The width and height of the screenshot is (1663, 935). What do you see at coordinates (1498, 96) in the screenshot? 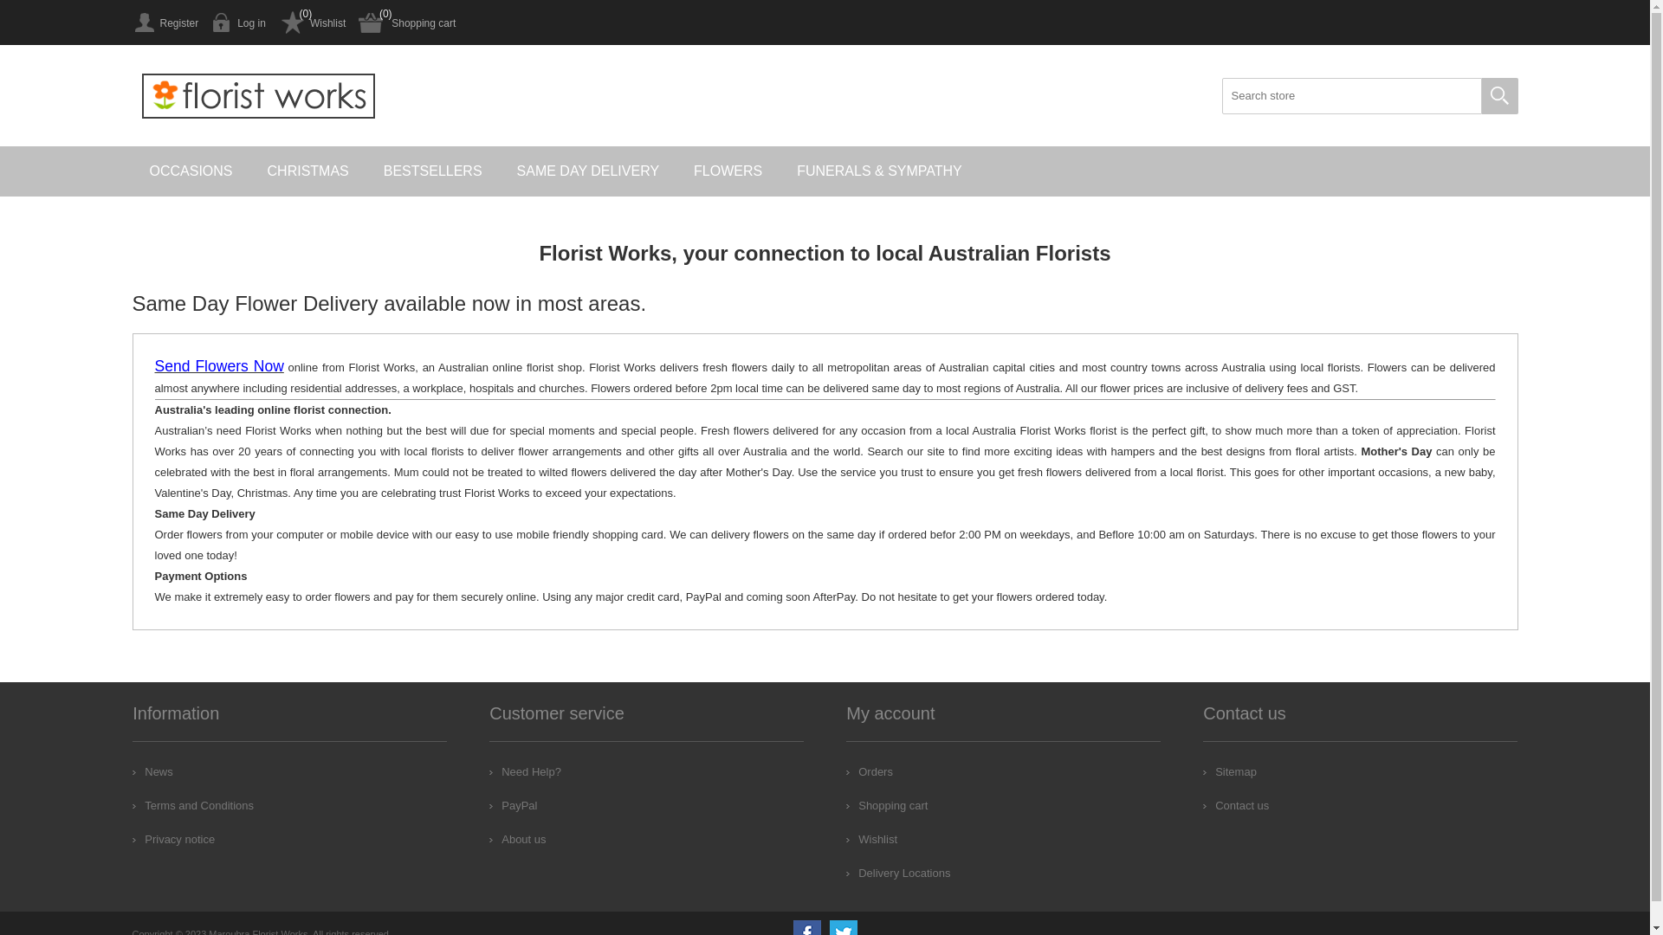
I see `'Search'` at bounding box center [1498, 96].